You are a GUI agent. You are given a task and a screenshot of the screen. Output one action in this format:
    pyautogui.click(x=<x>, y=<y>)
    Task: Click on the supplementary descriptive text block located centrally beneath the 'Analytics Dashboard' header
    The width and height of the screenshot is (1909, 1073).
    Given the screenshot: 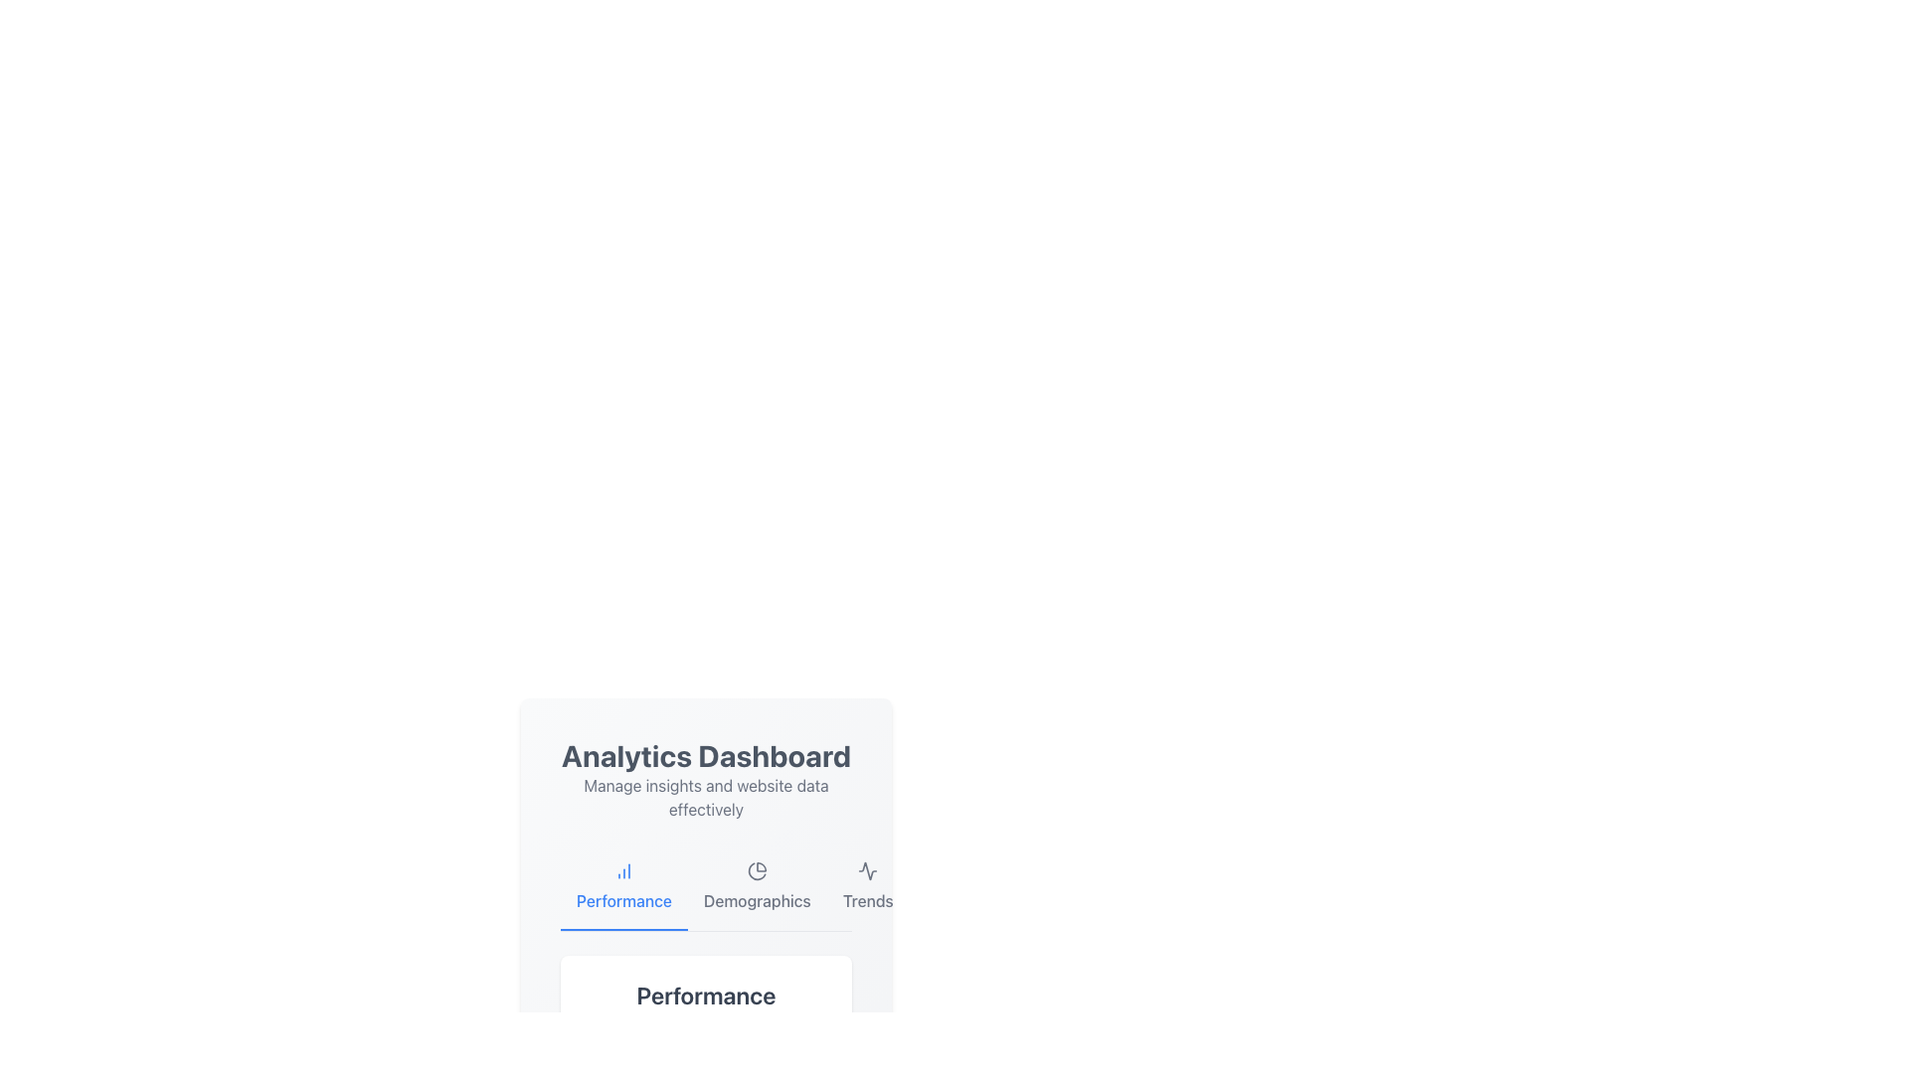 What is the action you would take?
    pyautogui.click(x=706, y=796)
    